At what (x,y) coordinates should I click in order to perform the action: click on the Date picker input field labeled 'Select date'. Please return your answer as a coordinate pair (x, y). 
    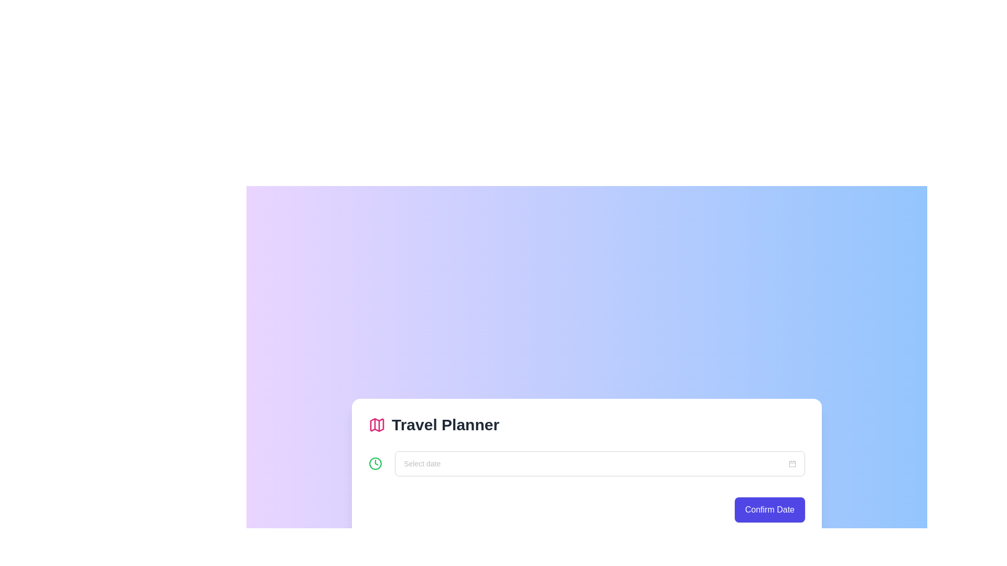
    Looking at the image, I should click on (599, 463).